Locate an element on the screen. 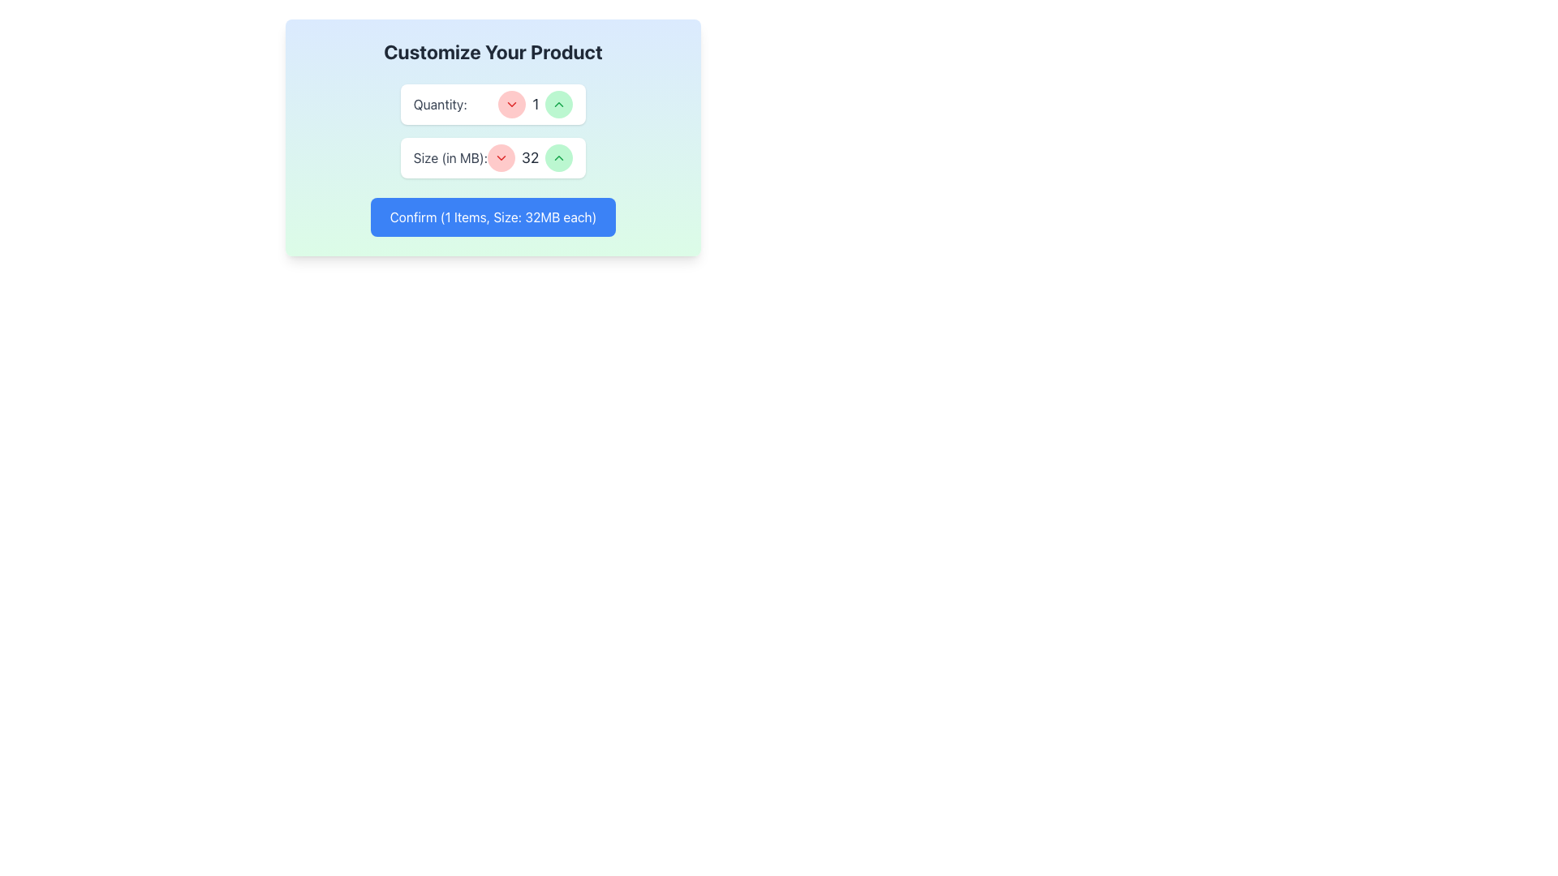  the increment button on the Interactive Card to increase the size value displayed in MB is located at coordinates (493, 158).